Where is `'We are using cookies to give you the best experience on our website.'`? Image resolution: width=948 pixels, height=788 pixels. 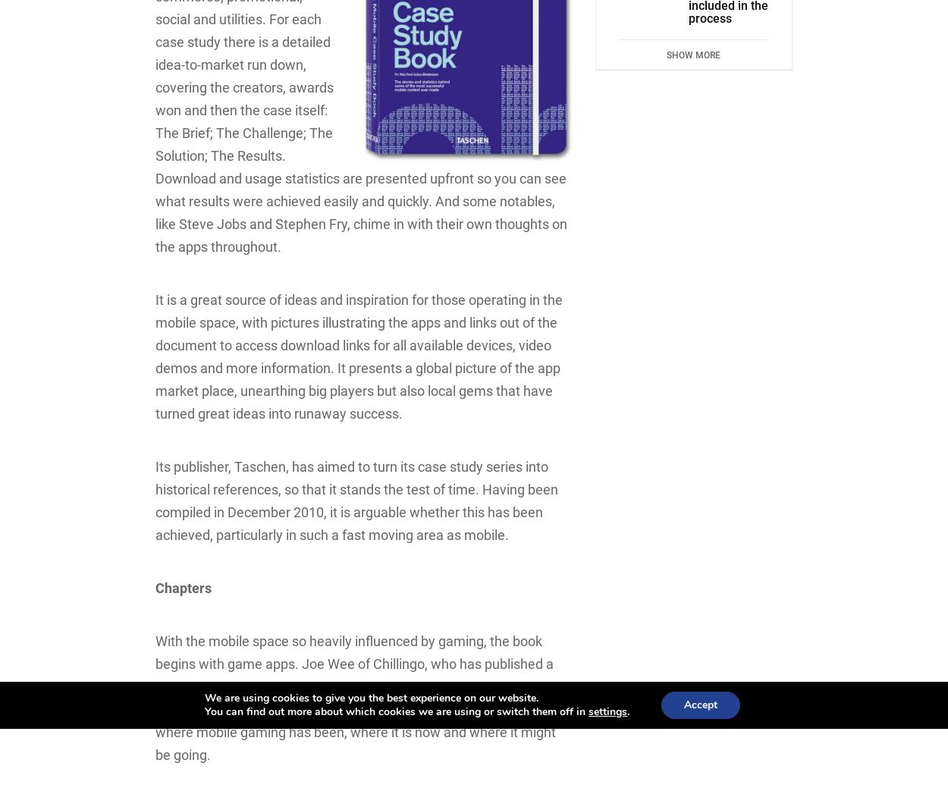
'We are using cookies to give you the best experience on our website.' is located at coordinates (371, 698).